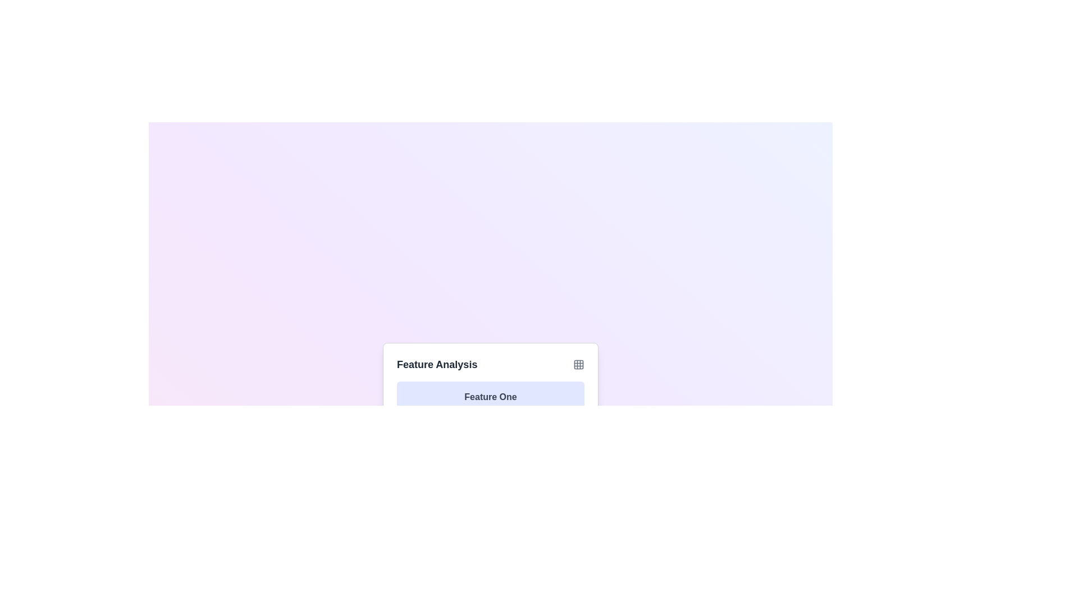 The width and height of the screenshot is (1078, 606). What do you see at coordinates (579, 365) in the screenshot?
I see `the grid icon represented by the top-left square of the 3x3 grid in the 'Feature Analysis' section` at bounding box center [579, 365].